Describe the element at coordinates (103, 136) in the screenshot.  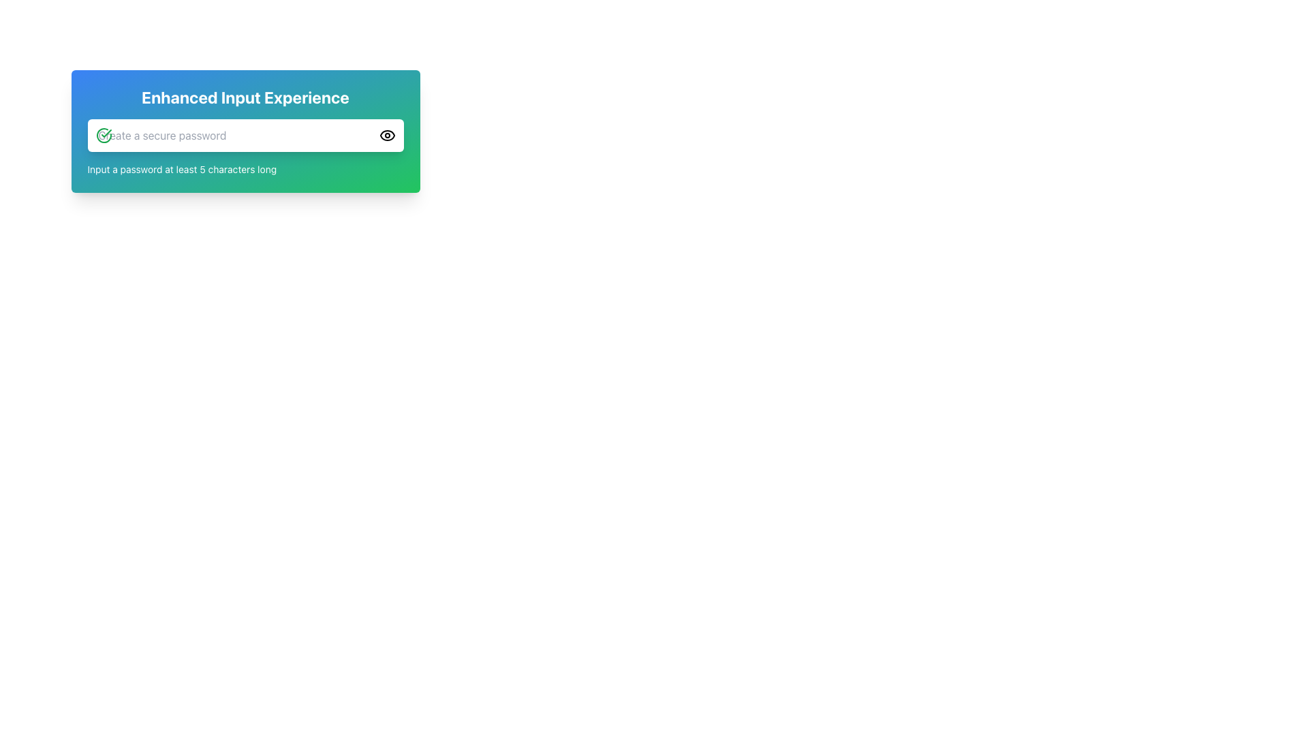
I see `the validation icon that is positioned directly to the left of the password input field, confirming the correctness of the input` at that location.